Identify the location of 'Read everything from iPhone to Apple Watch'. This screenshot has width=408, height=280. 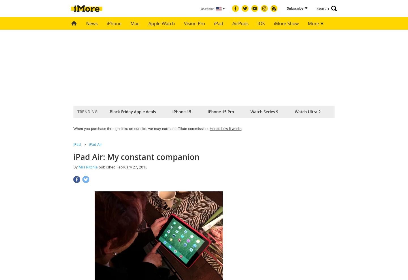
(198, 73).